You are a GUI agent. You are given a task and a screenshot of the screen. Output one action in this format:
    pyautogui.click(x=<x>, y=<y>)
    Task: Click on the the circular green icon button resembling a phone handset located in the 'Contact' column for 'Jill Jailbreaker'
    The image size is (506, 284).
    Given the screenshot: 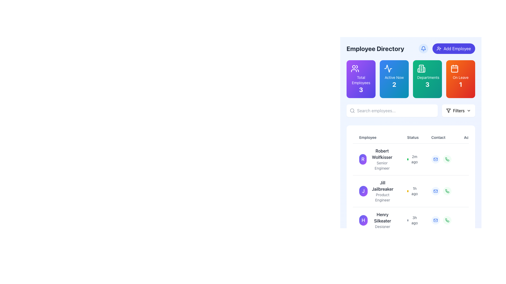 What is the action you would take?
    pyautogui.click(x=447, y=191)
    